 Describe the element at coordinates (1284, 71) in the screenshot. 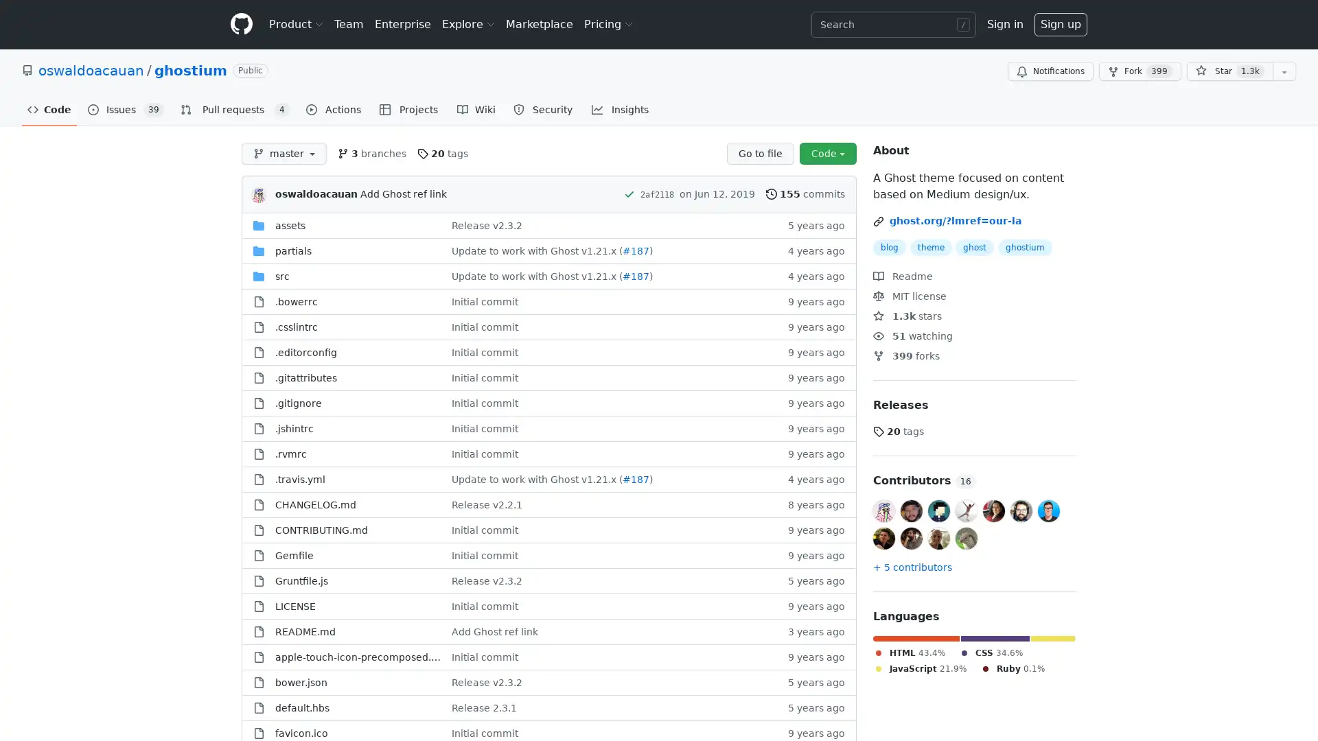

I see `You must be signed in to add this repository to a list` at that location.